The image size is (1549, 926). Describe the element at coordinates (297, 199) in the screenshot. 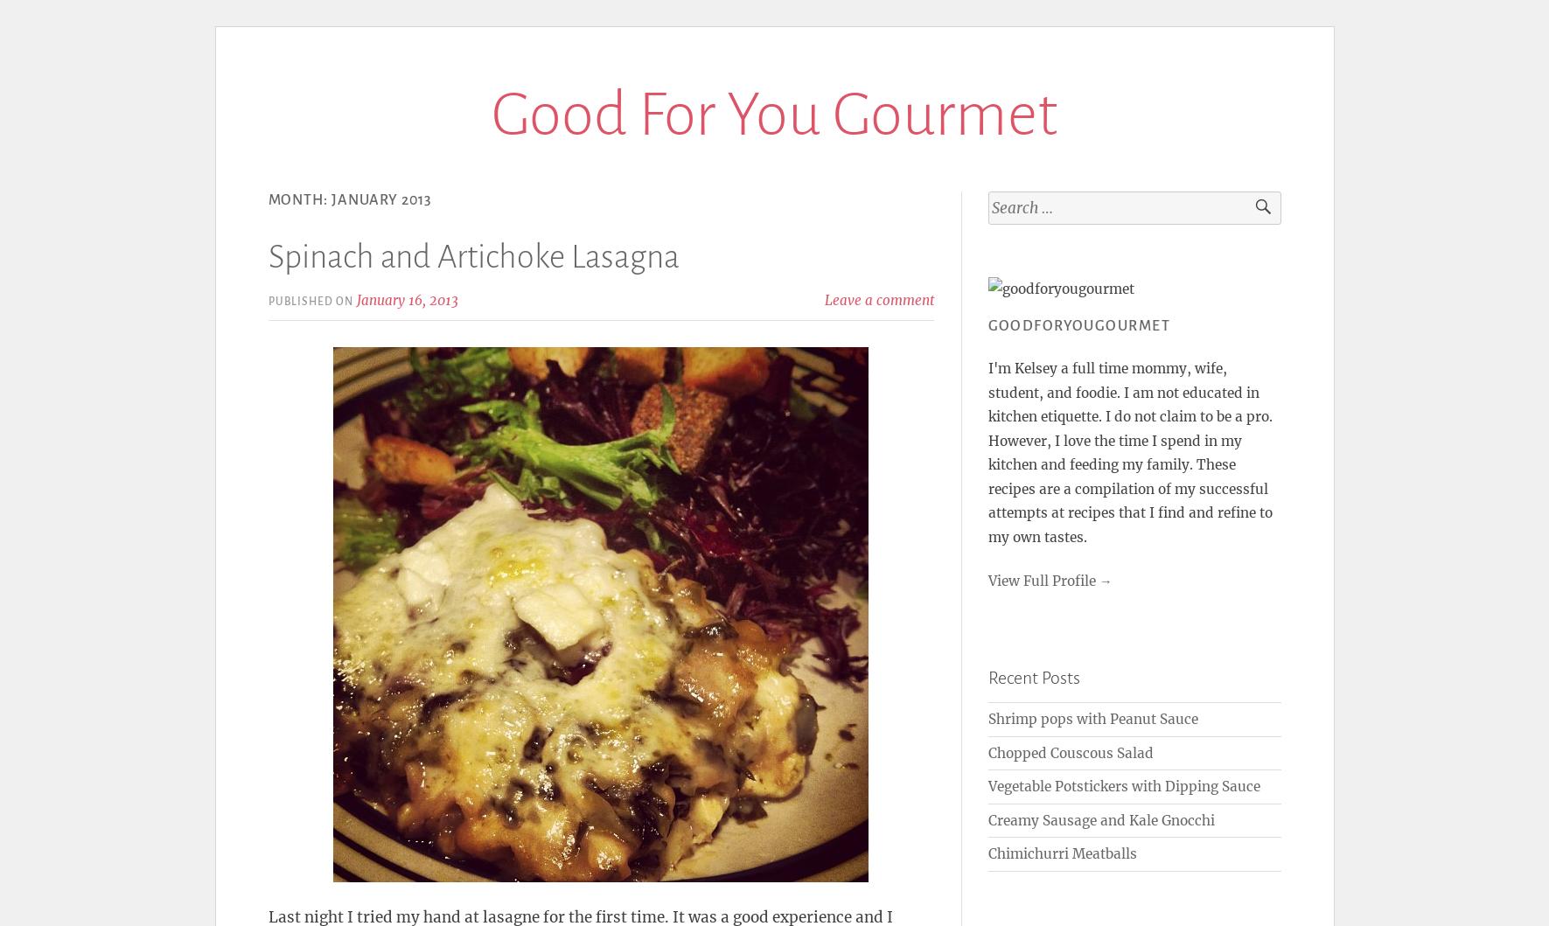

I see `'Month:'` at that location.